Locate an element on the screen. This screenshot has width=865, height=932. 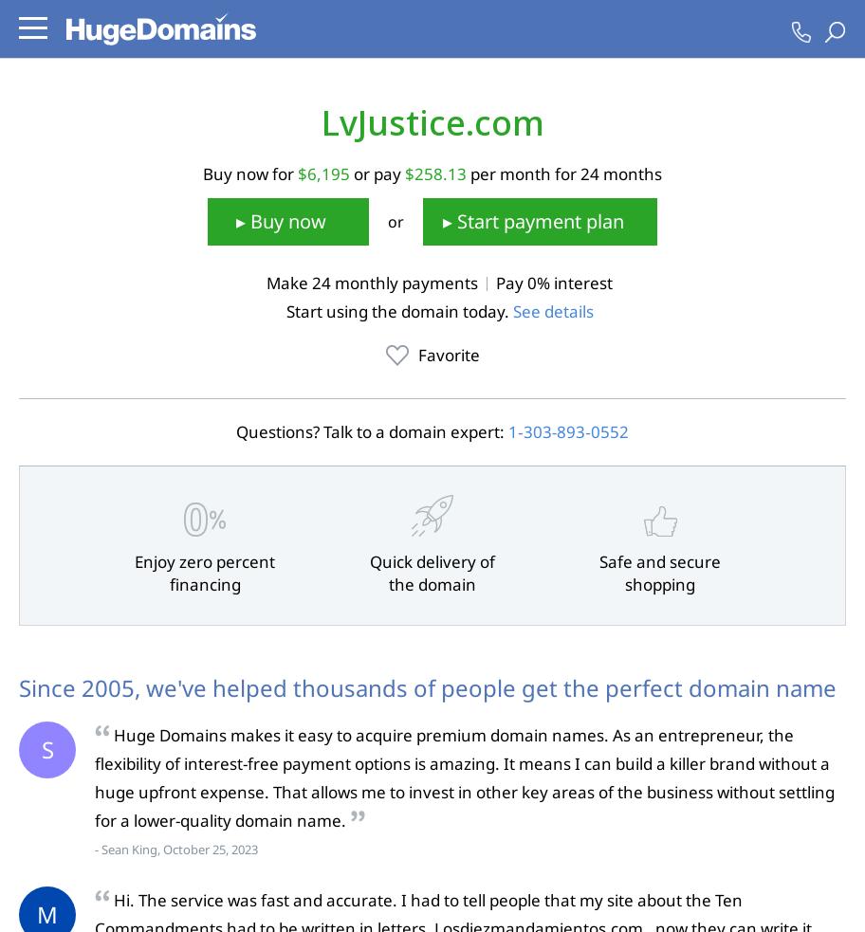
'1‑303‑893‑0552' is located at coordinates (567, 430).